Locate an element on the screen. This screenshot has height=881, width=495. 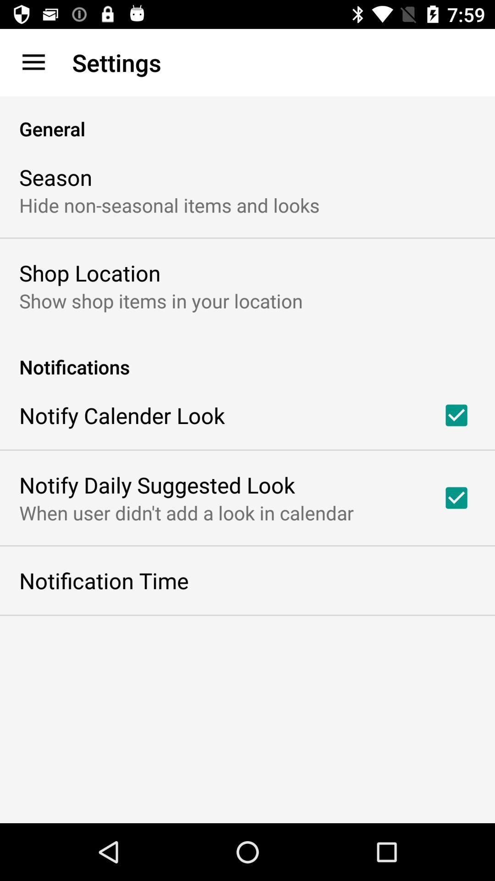
the item above notify daily suggested icon is located at coordinates (121, 415).